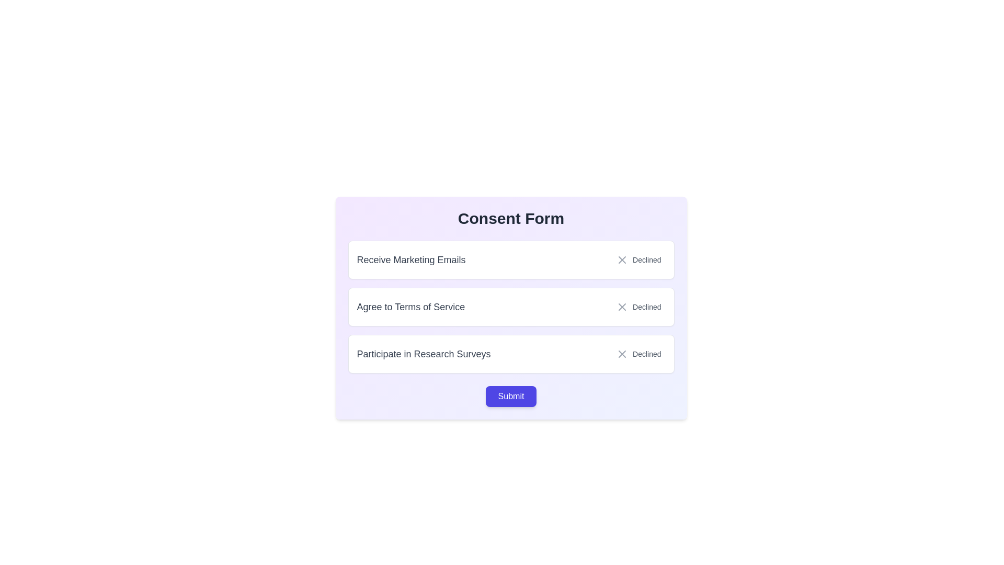  What do you see at coordinates (646, 354) in the screenshot?
I see `text displayed in the third 'Declined' label in the vertical stack of options within the consent form` at bounding box center [646, 354].